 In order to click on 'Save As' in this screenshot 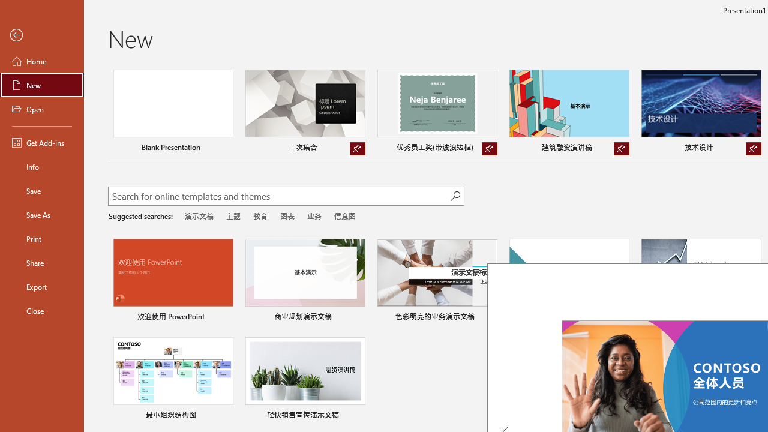, I will do `click(41, 214)`.